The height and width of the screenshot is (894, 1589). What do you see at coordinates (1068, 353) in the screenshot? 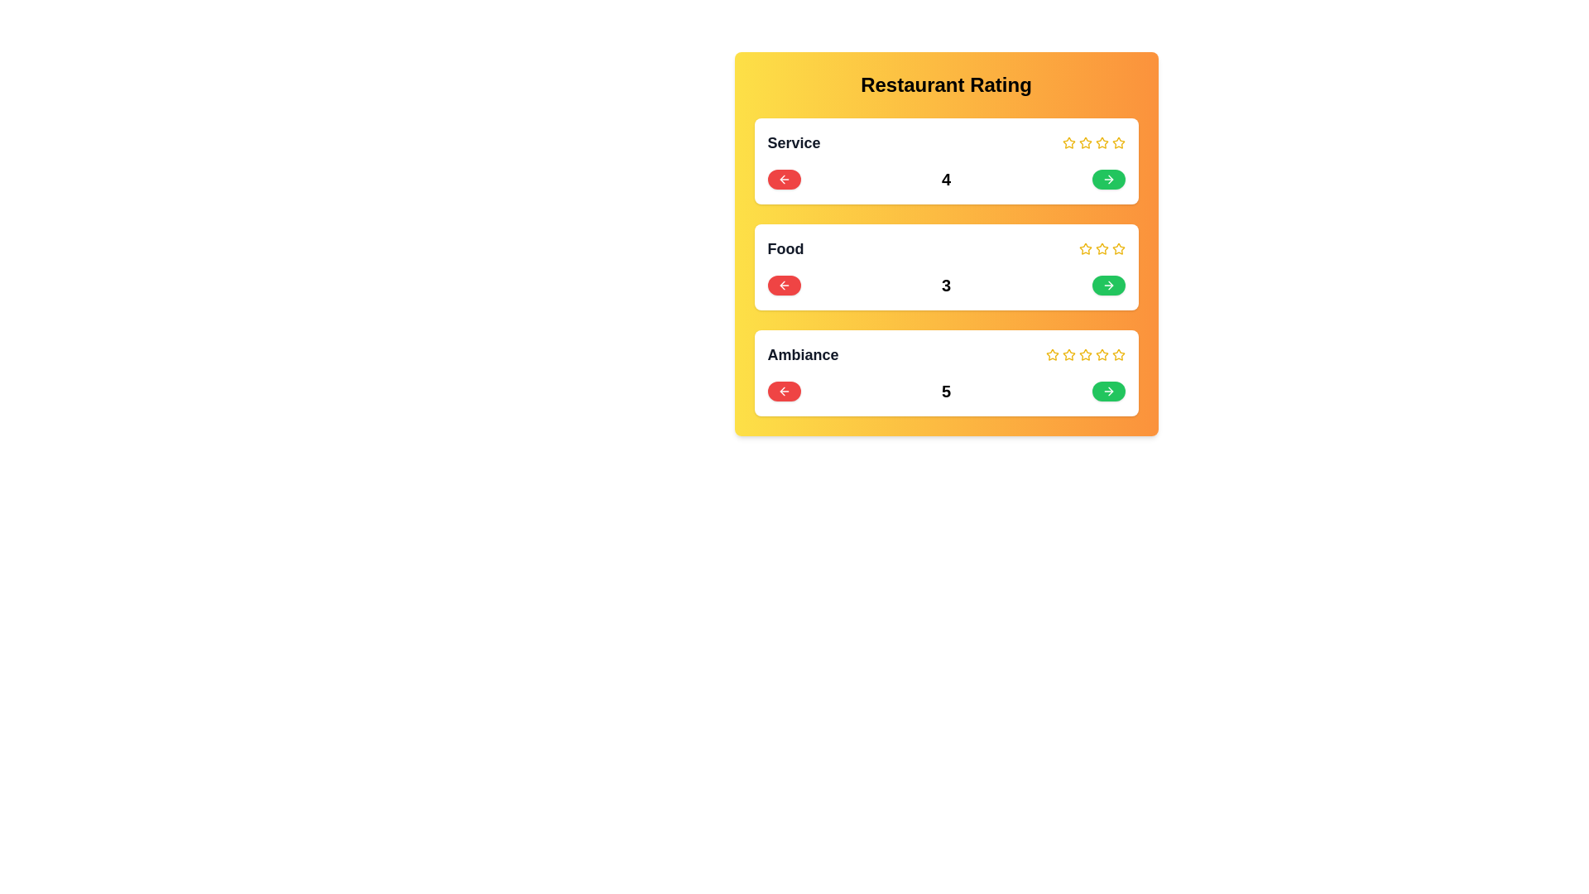
I see `the first star in the rating row for 'Ambiance' within the 'Restaurant Rating' card to rate` at bounding box center [1068, 353].